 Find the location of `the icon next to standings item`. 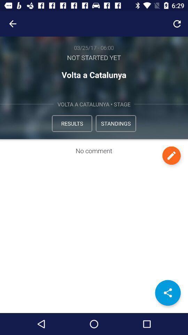

the icon next to standings item is located at coordinates (71, 123).